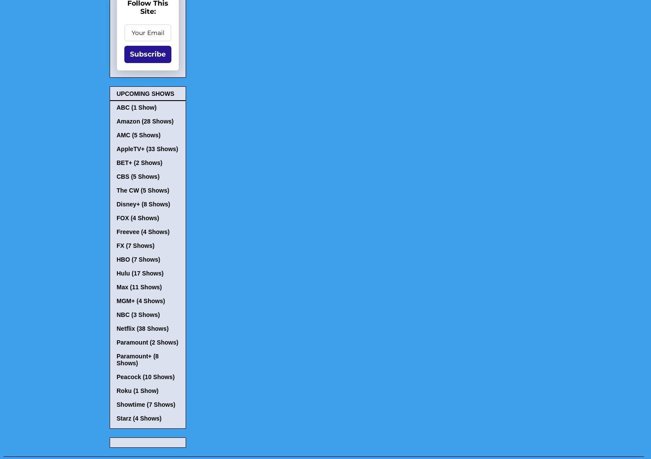  What do you see at coordinates (138, 418) in the screenshot?
I see `'Starz (4 Shows)'` at bounding box center [138, 418].